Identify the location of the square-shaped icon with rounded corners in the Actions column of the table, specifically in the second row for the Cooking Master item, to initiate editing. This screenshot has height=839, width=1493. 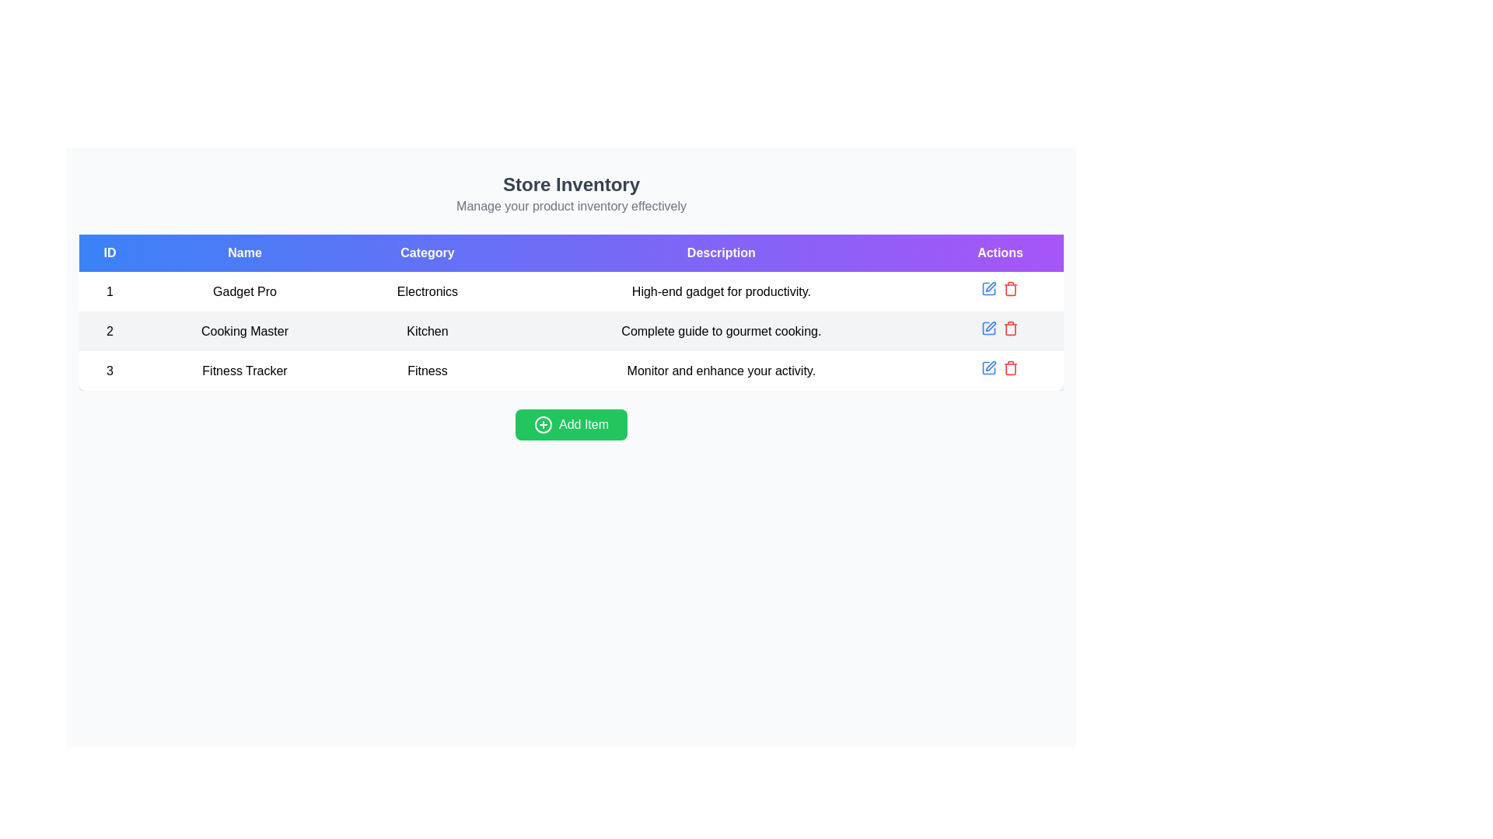
(988, 328).